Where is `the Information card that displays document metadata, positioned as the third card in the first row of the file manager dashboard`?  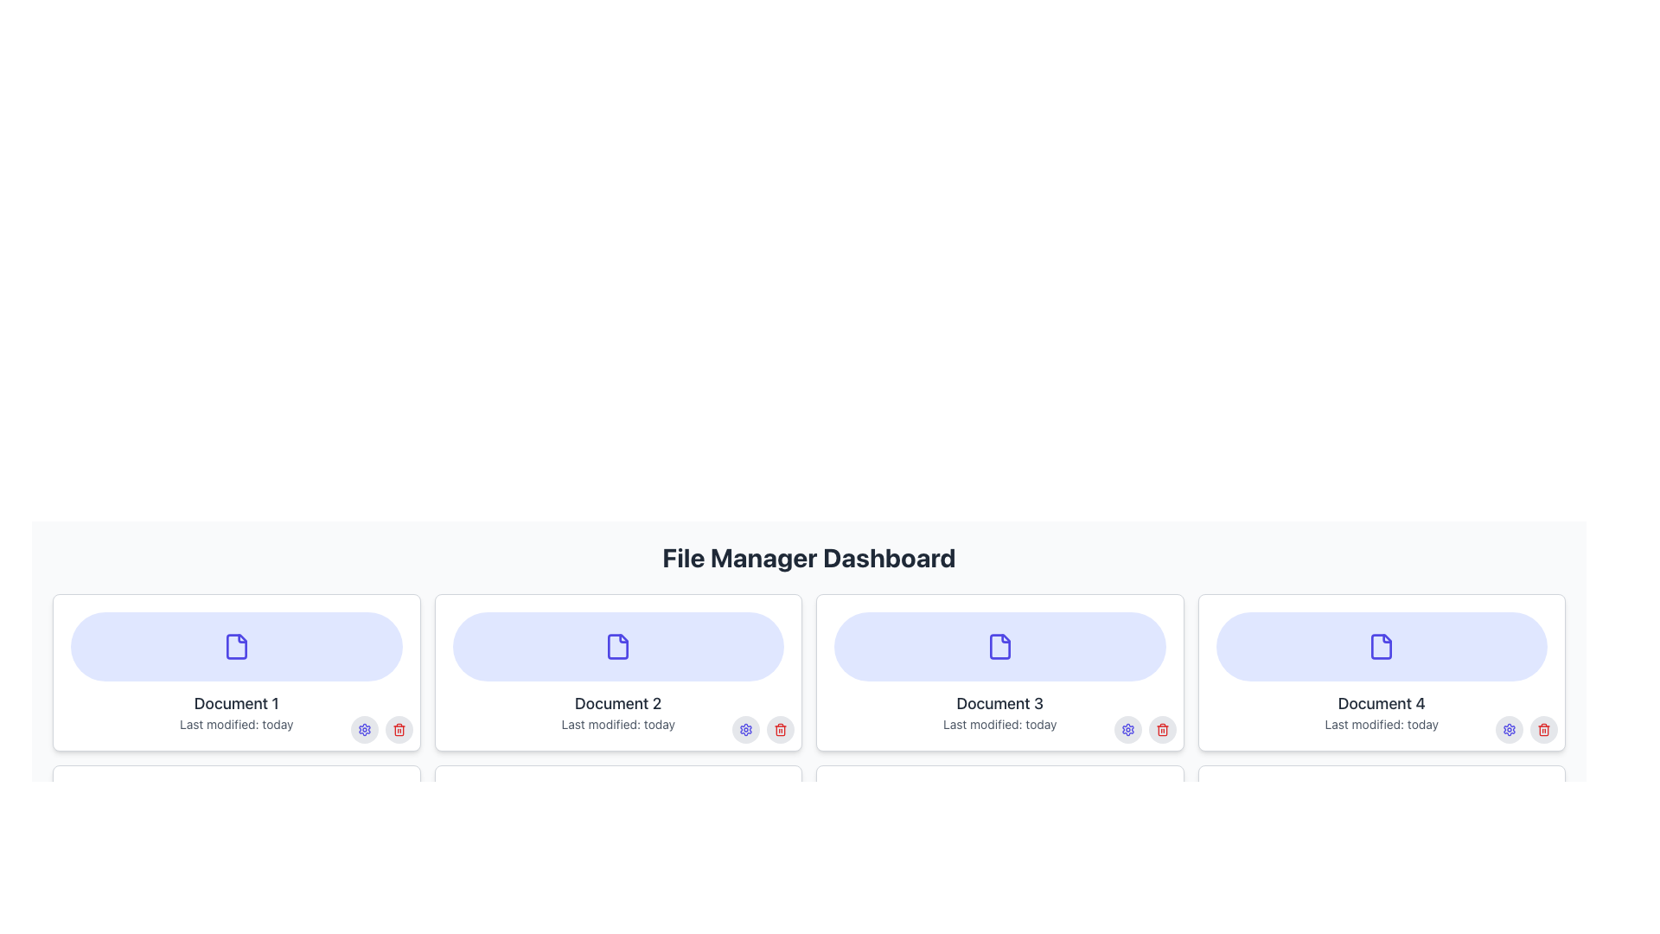
the Information card that displays document metadata, positioned as the third card in the first row of the file manager dashboard is located at coordinates (999, 672).